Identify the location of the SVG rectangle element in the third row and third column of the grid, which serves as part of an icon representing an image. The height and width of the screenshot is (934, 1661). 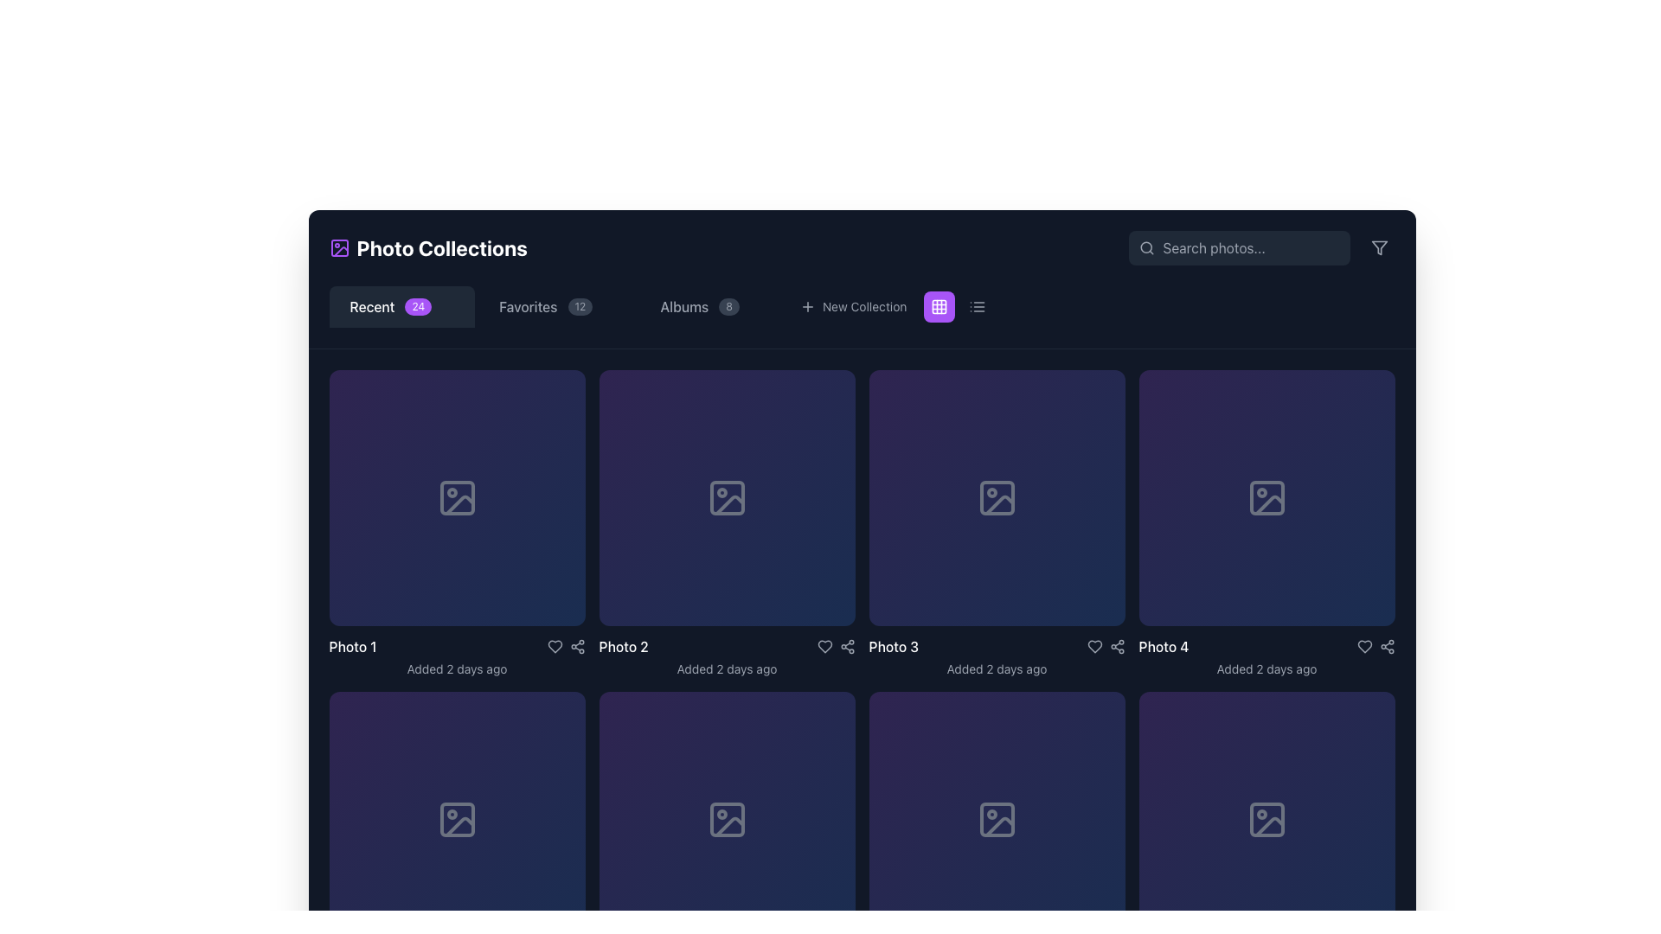
(727, 819).